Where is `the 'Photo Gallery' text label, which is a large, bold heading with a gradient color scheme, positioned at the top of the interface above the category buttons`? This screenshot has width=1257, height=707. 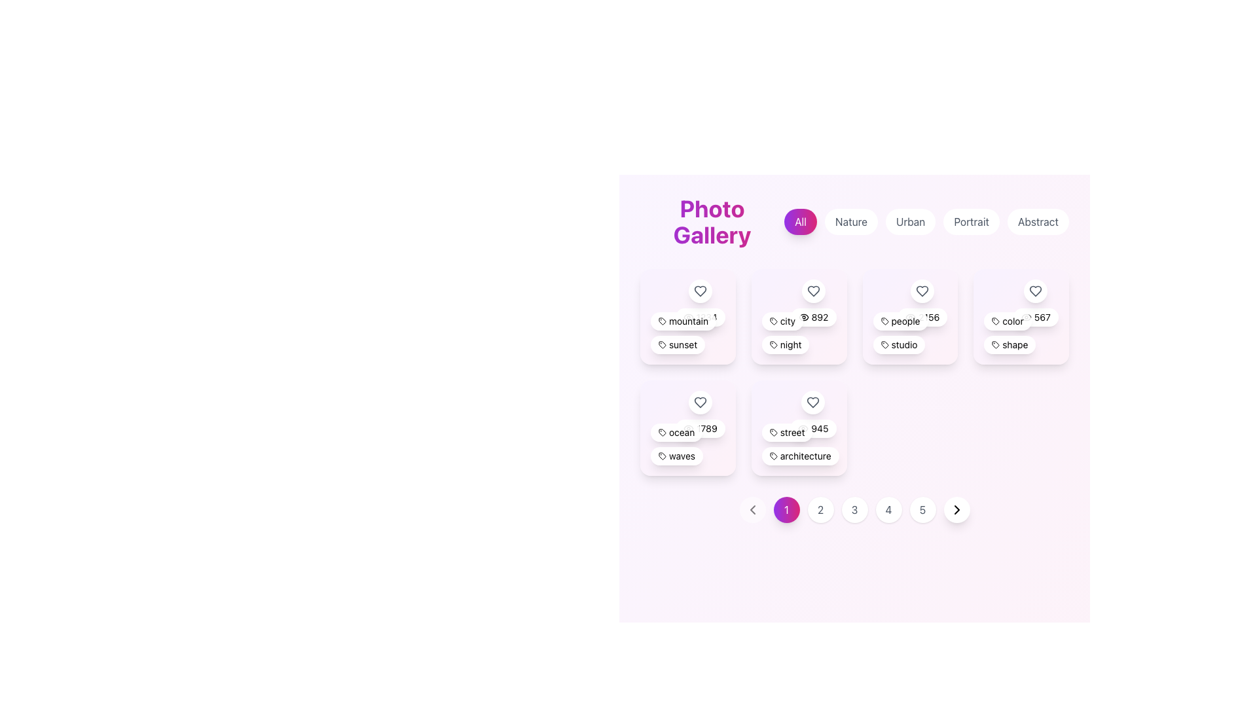 the 'Photo Gallery' text label, which is a large, bold heading with a gradient color scheme, positioned at the top of the interface above the category buttons is located at coordinates (712, 221).